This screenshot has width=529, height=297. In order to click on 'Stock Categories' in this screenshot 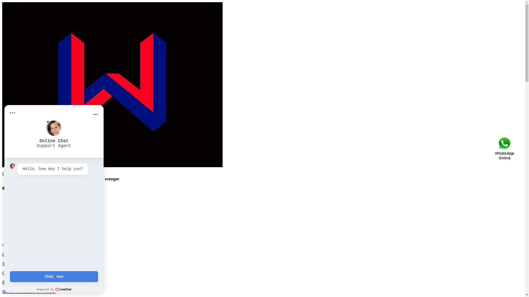, I will do `click(17, 263)`.